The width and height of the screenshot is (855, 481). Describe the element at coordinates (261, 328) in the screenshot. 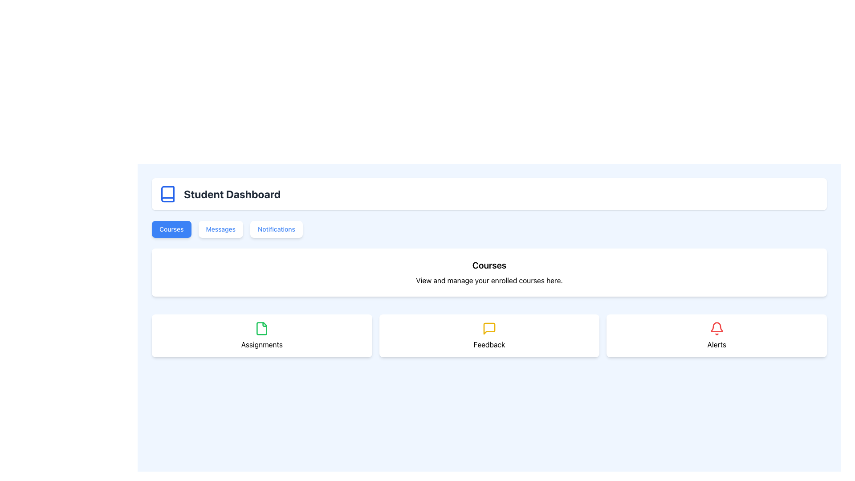

I see `the green file/document icon located above the 'Assignments' text within the leftmost white card` at that location.